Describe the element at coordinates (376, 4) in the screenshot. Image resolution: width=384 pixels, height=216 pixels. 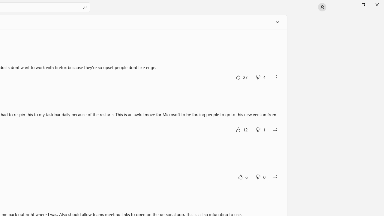
I see `'Close Microsoft Store'` at that location.